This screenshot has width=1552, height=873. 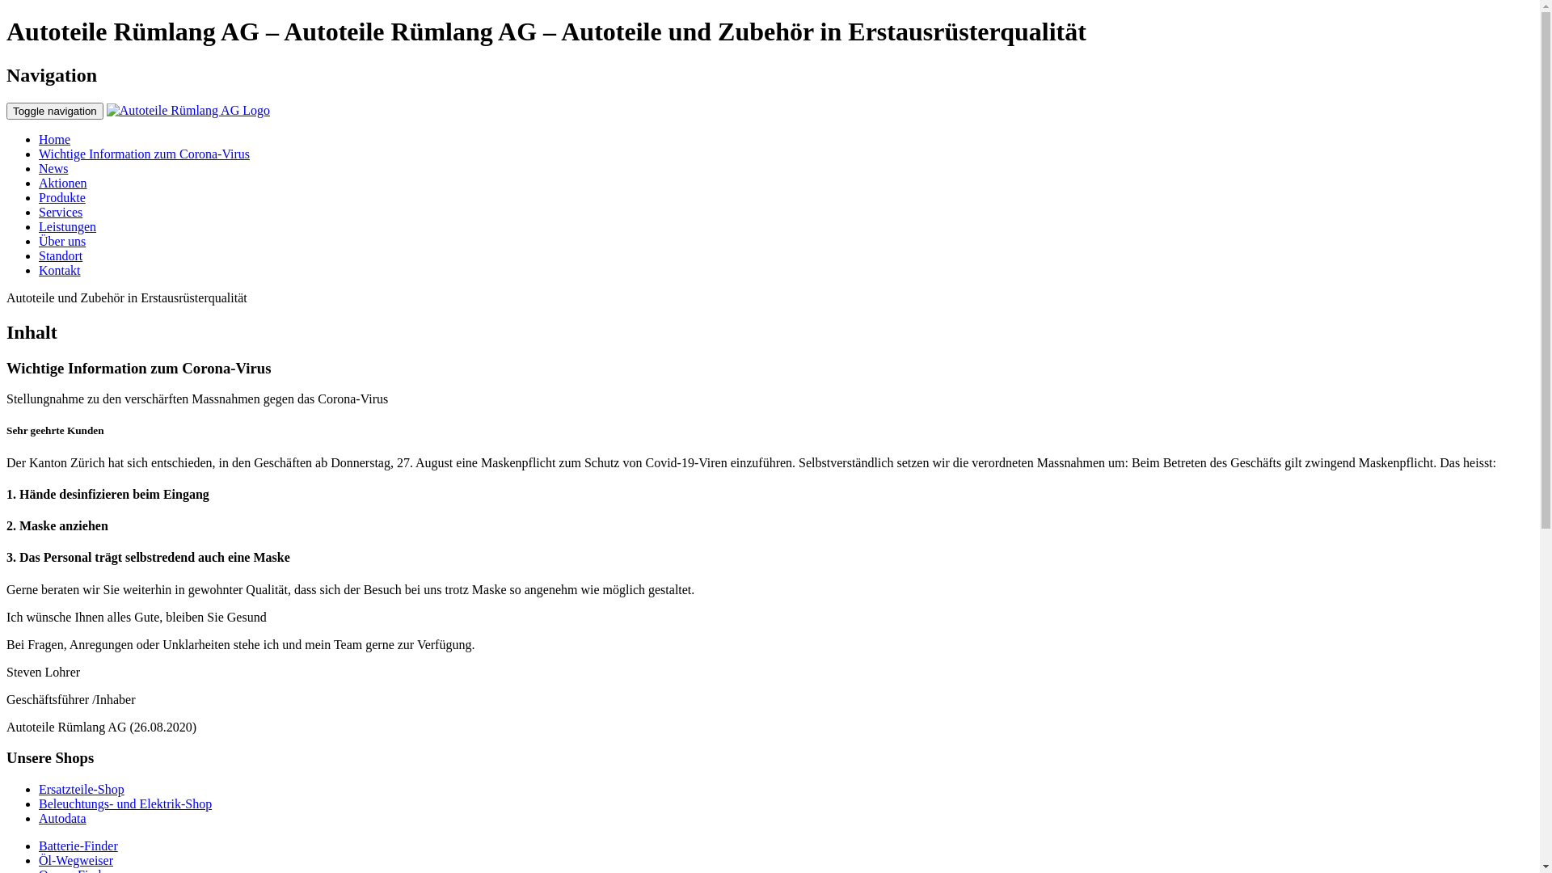 What do you see at coordinates (54, 110) in the screenshot?
I see `'Toggle navigation'` at bounding box center [54, 110].